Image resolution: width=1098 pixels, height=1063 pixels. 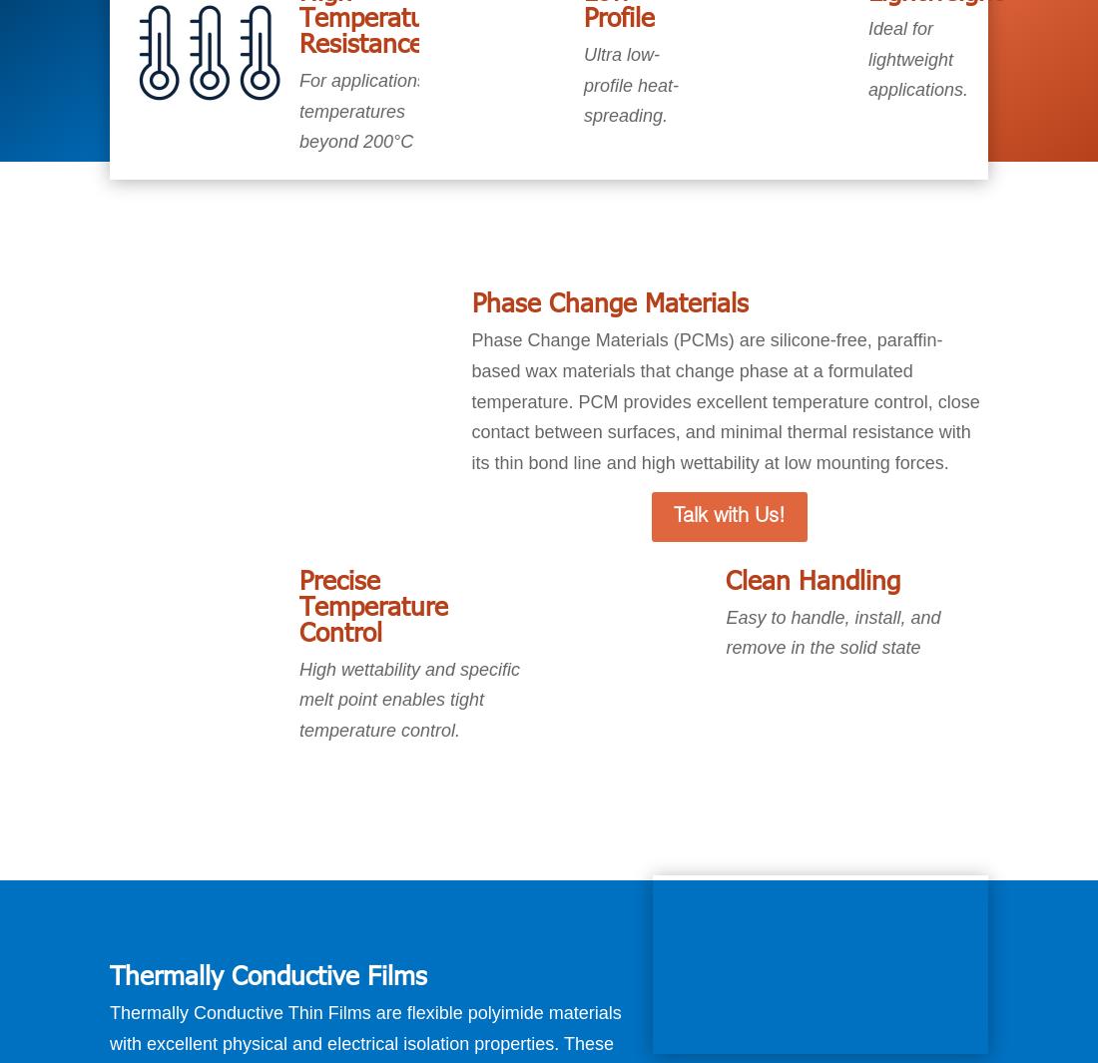 I want to click on 'Phase Change Materials (PCMs) are silicone-free, paraffin-based wax materials that change phase at a formulated temperature. PCM provides excellent temperature control, close contact between surfaces, and minimal thermal resistance with its thin bond line and high wettability at low mounting forces.', so click(x=724, y=400).